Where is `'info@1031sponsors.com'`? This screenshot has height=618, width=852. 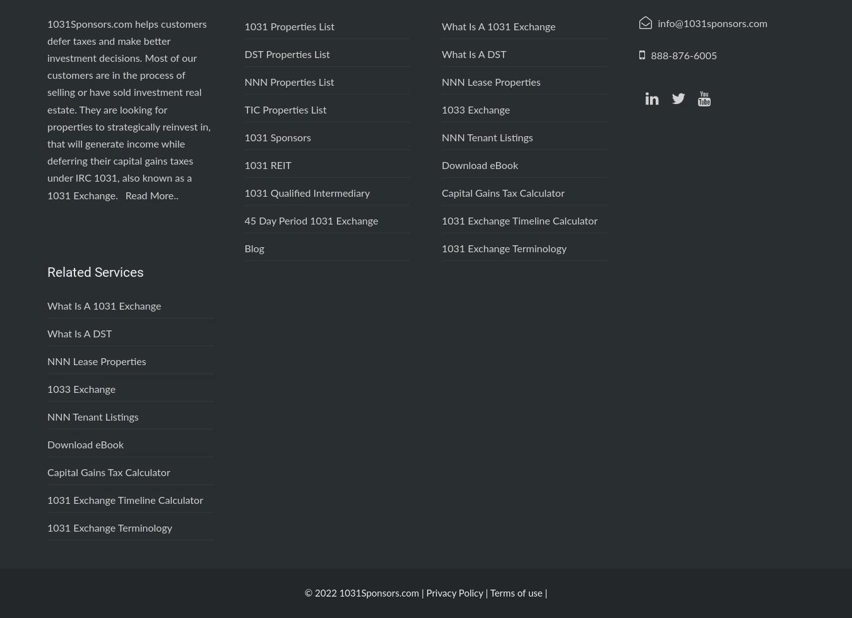
'info@1031sponsors.com' is located at coordinates (712, 23).